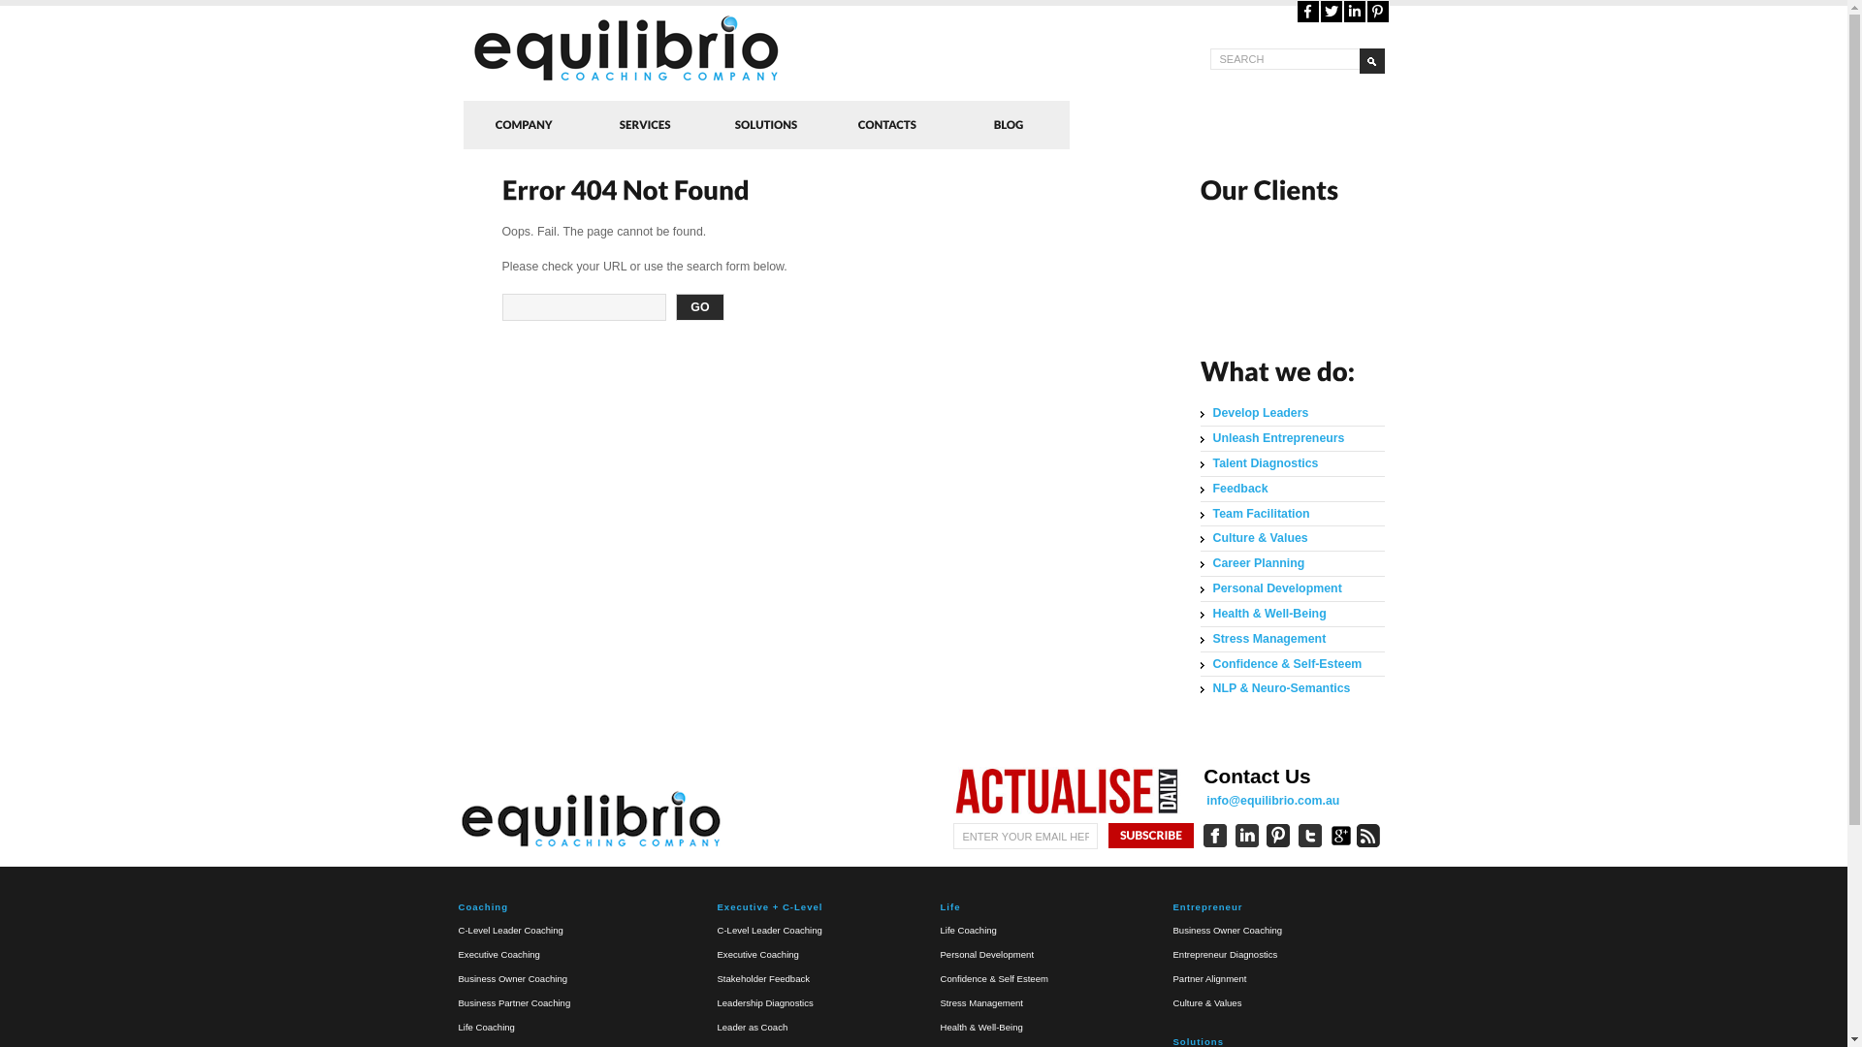 The image size is (1862, 1047). I want to click on 'Executive Coaching', so click(757, 953).